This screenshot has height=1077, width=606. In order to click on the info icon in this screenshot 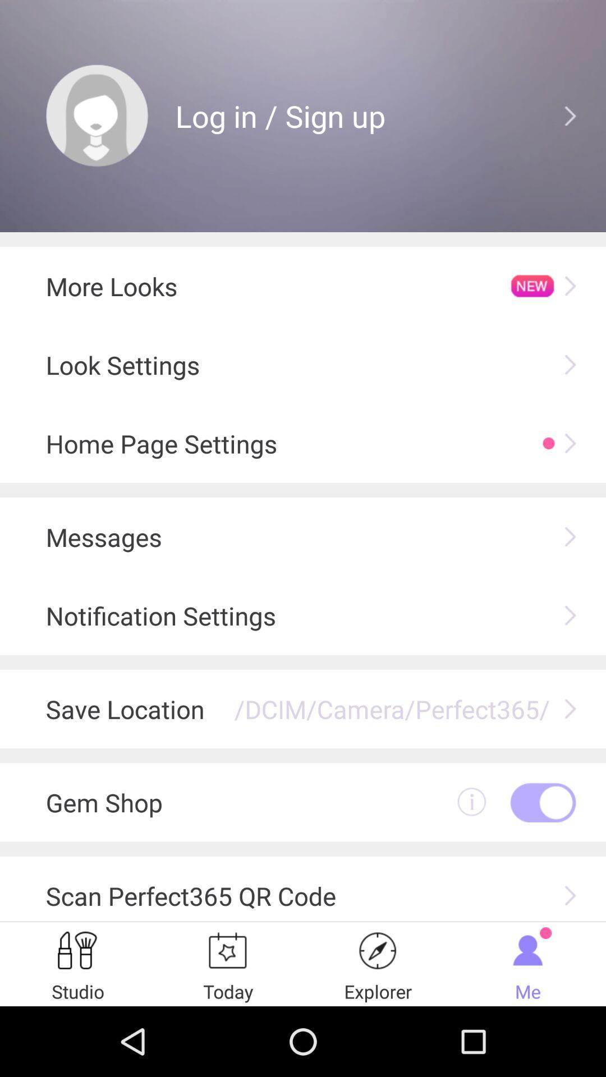, I will do `click(471, 858)`.